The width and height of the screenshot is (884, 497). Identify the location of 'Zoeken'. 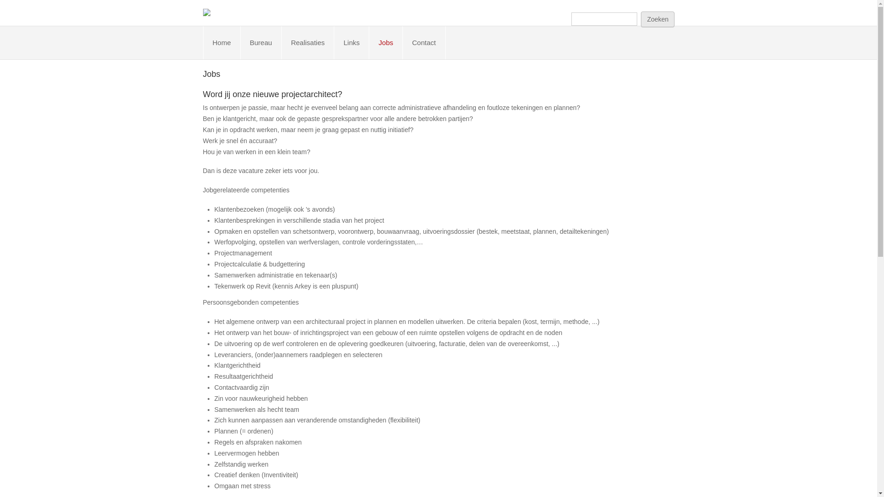
(657, 19).